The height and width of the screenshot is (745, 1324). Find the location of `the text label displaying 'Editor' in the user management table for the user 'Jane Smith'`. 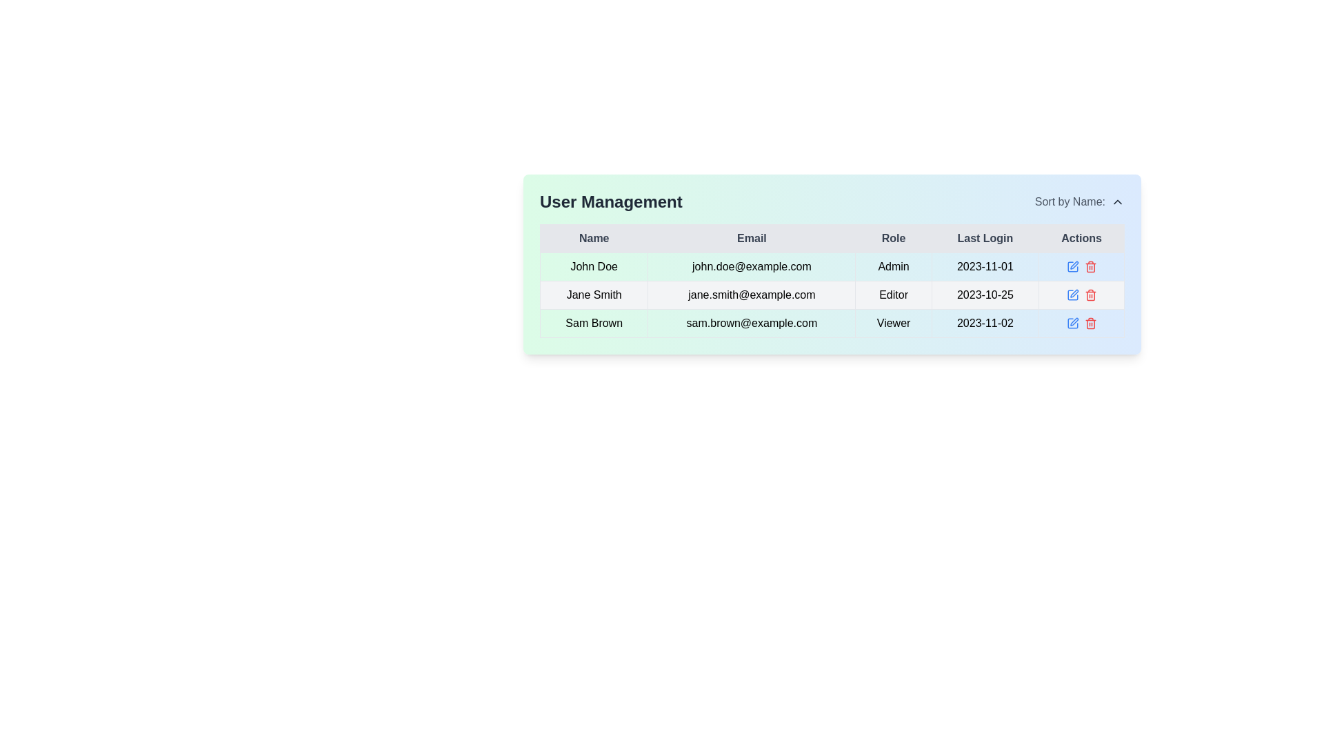

the text label displaying 'Editor' in the user management table for the user 'Jane Smith' is located at coordinates (894, 295).